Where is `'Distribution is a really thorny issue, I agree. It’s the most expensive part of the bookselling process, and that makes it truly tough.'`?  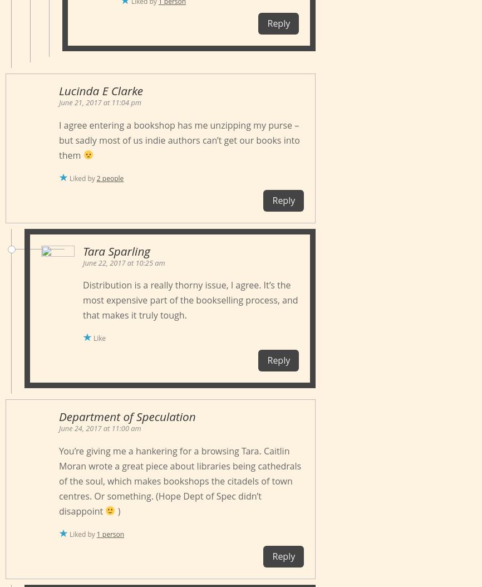
'Distribution is a really thorny issue, I agree. It’s the most expensive part of the bookselling process, and that makes it truly tough.' is located at coordinates (83, 300).